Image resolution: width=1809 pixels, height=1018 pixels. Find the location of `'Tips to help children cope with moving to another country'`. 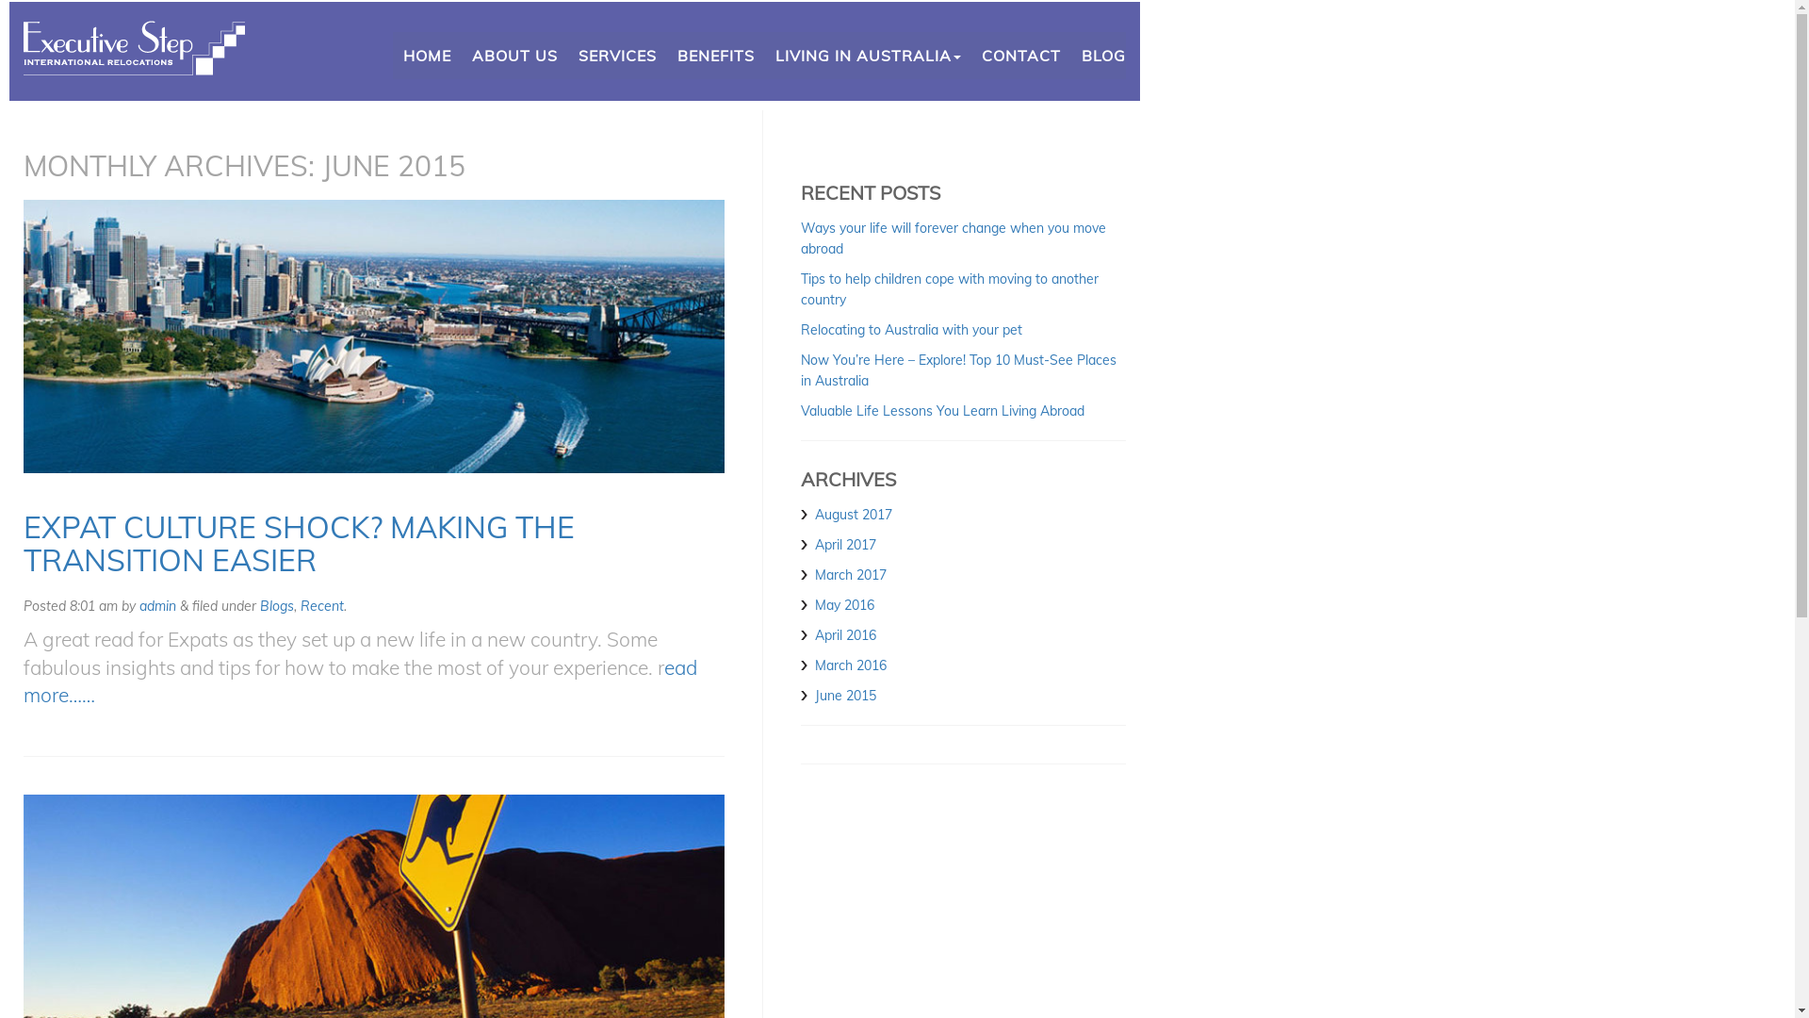

'Tips to help children cope with moving to another country' is located at coordinates (950, 289).